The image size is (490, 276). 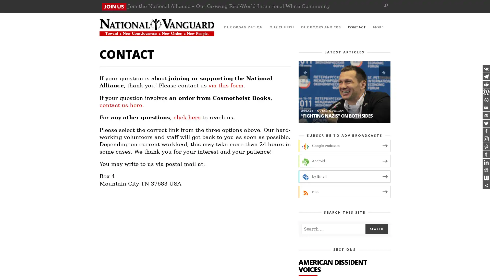 I want to click on Search, so click(x=377, y=228).